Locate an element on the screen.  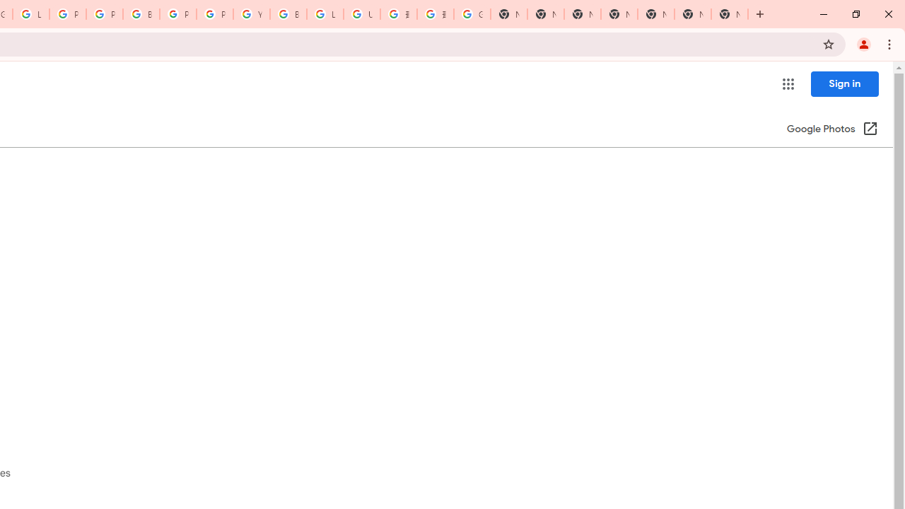
'Privacy Help Center - Policies Help' is located at coordinates (67, 14).